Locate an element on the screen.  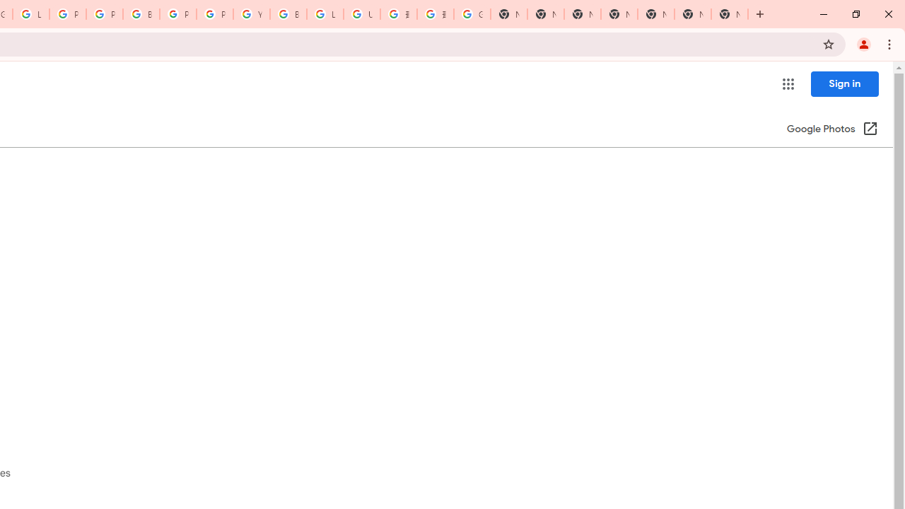
'Privacy Help Center - Policies Help' is located at coordinates (67, 14).